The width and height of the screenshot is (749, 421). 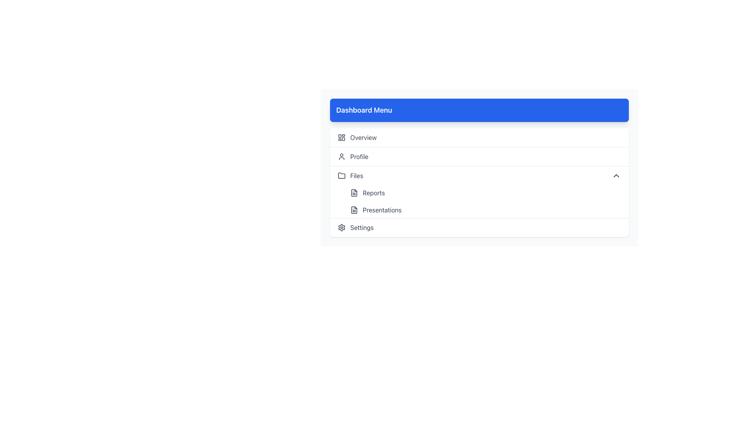 What do you see at coordinates (341, 156) in the screenshot?
I see `the user profile icon in the horizontal menu labeled 'Profile'` at bounding box center [341, 156].